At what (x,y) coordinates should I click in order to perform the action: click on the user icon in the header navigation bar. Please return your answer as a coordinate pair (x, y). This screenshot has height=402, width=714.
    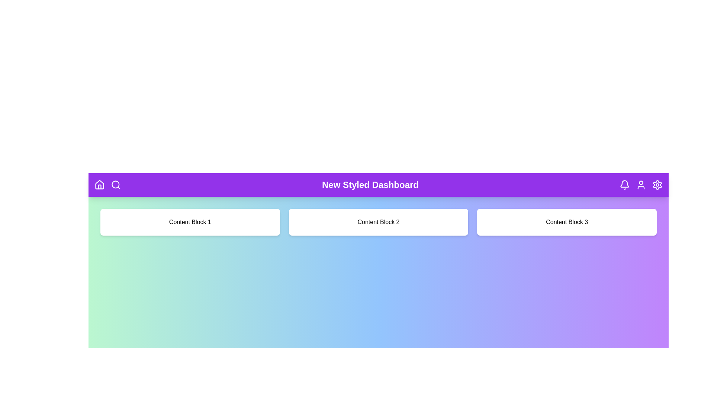
    Looking at the image, I should click on (640, 185).